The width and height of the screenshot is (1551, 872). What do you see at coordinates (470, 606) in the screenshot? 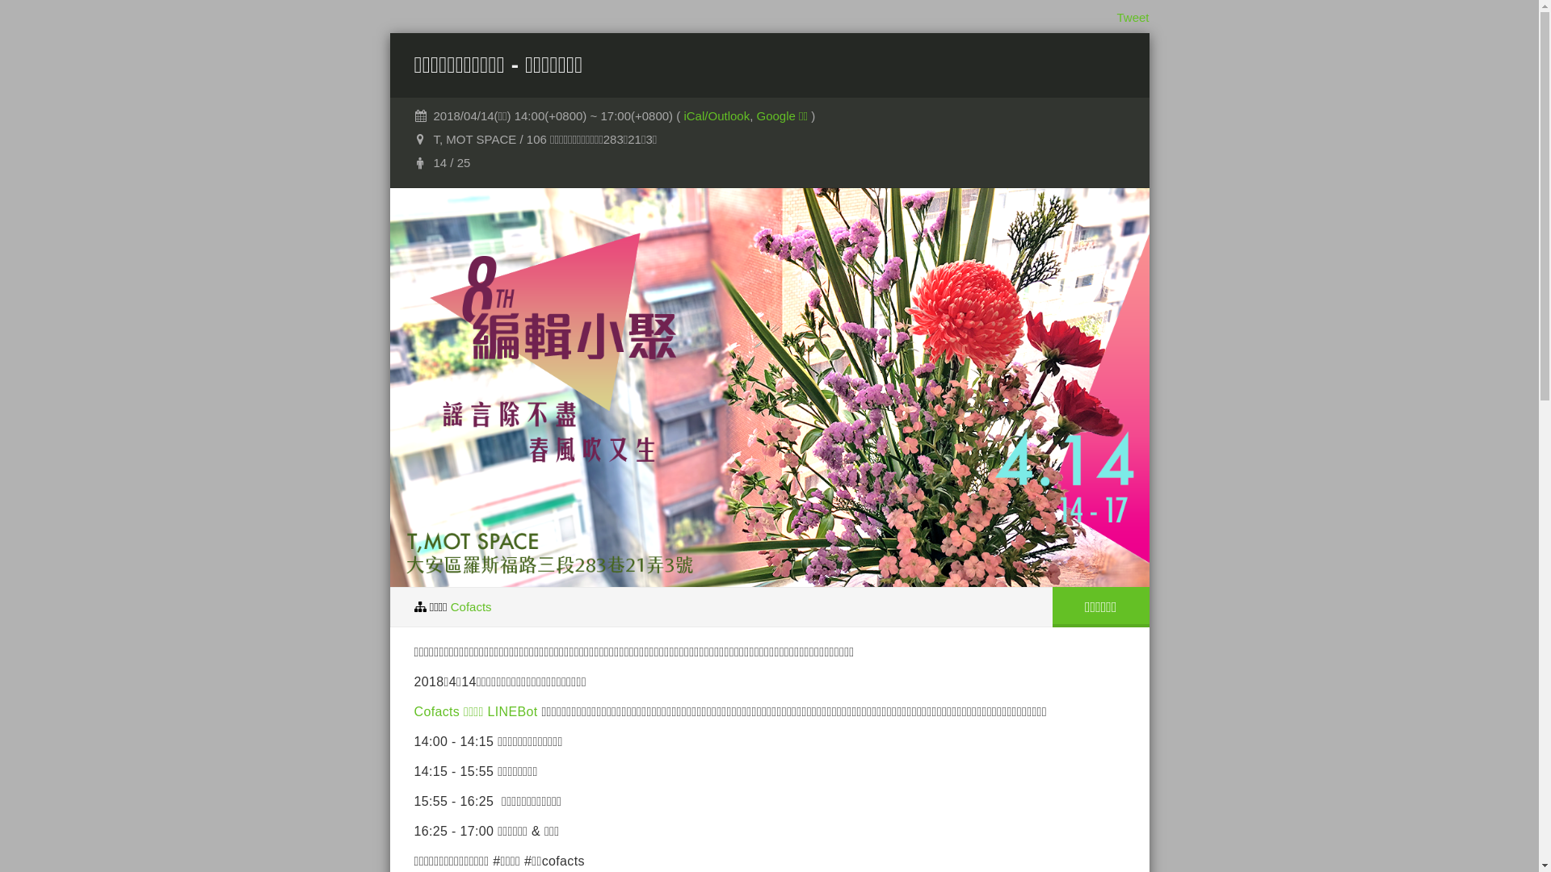
I see `'Cofacts'` at bounding box center [470, 606].